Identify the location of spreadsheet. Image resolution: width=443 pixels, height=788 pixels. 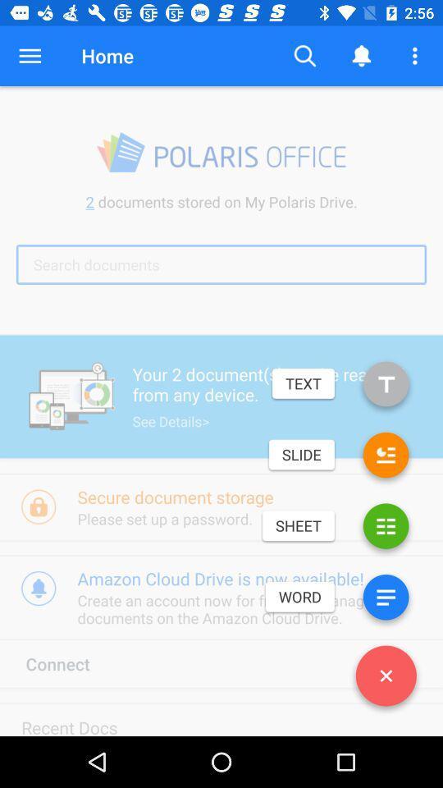
(386, 529).